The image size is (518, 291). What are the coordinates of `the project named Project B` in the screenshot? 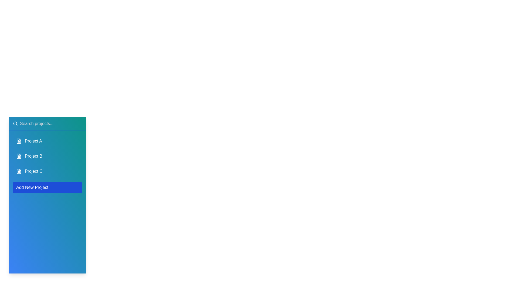 It's located at (47, 156).